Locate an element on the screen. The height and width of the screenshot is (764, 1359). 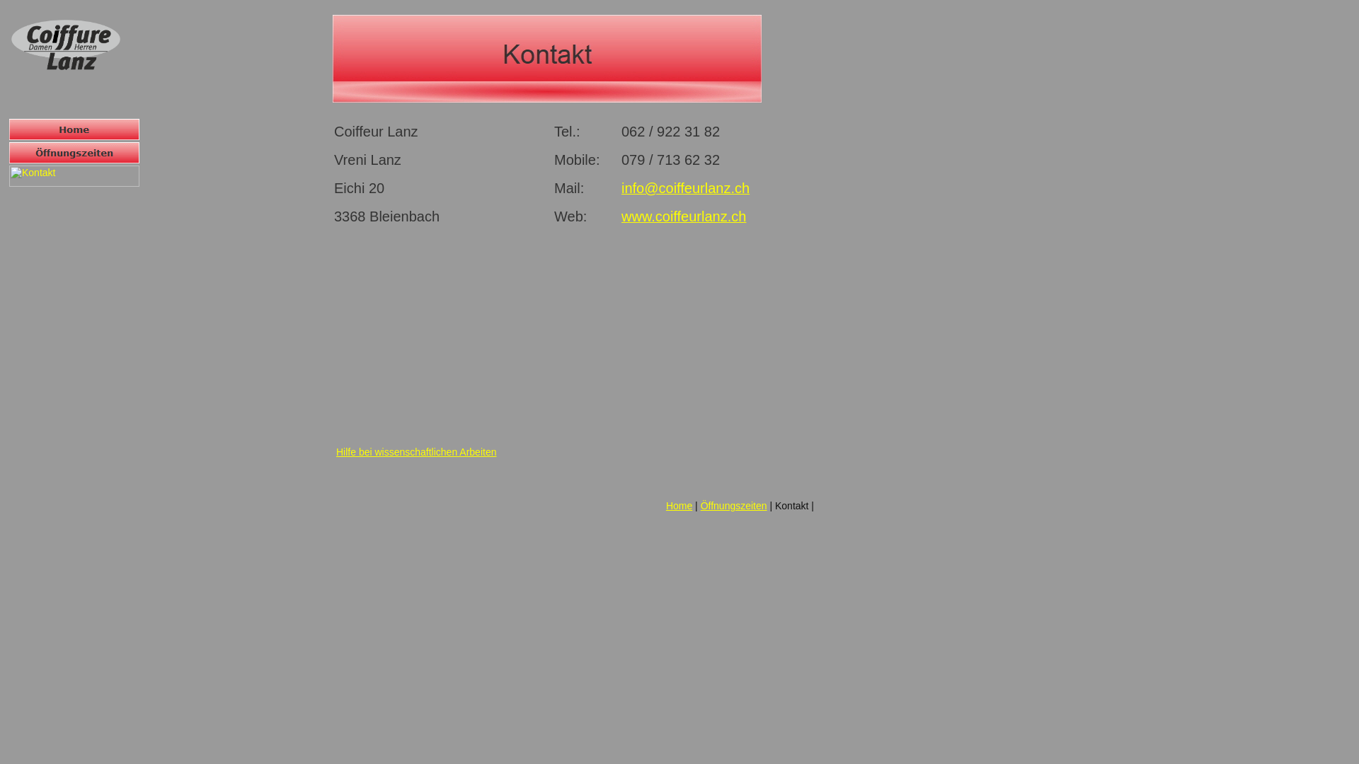
'Home' is located at coordinates (74, 129).